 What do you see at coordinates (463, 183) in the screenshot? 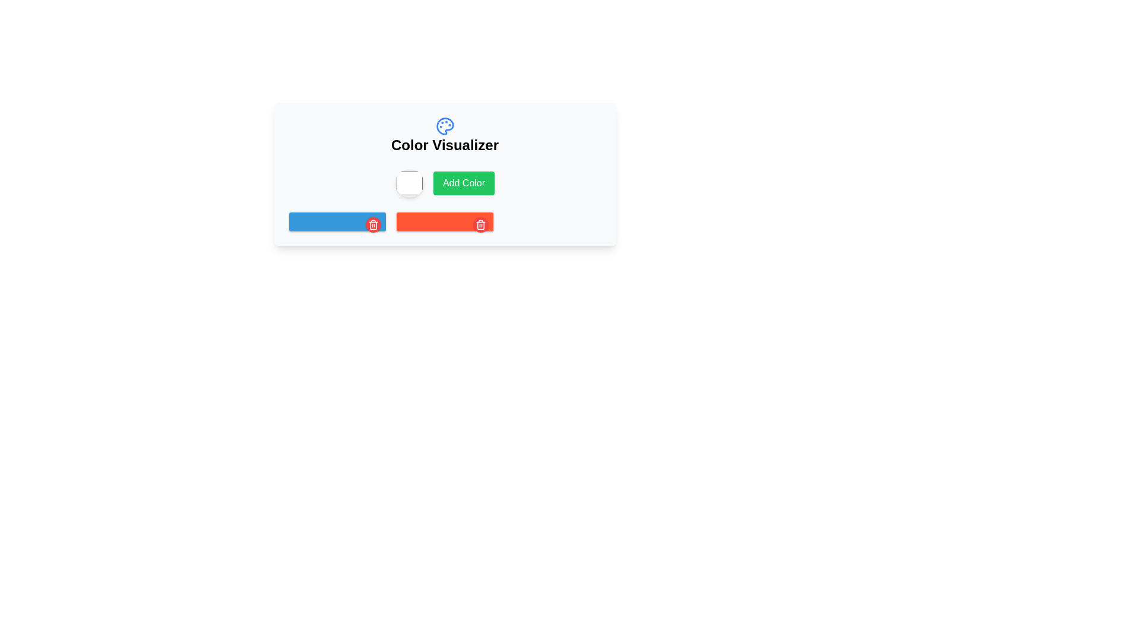
I see `the button for adding a color selection` at bounding box center [463, 183].